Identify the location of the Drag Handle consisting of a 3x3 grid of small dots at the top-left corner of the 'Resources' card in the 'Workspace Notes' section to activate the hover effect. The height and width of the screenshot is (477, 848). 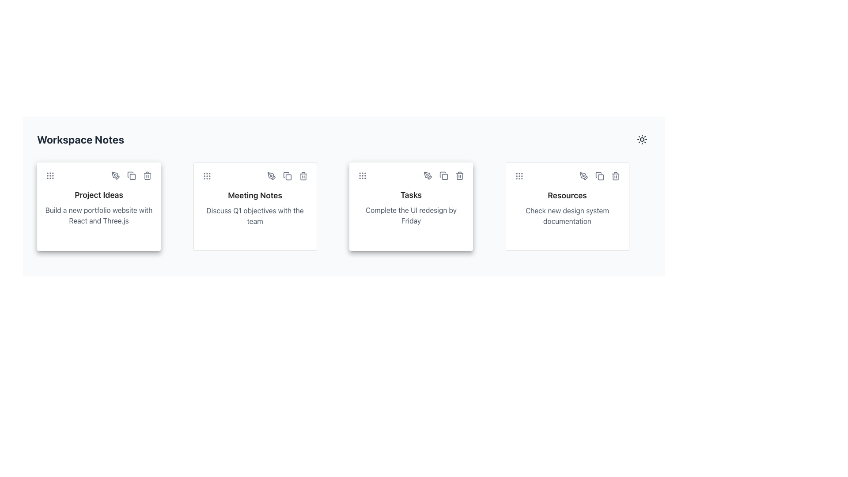
(519, 176).